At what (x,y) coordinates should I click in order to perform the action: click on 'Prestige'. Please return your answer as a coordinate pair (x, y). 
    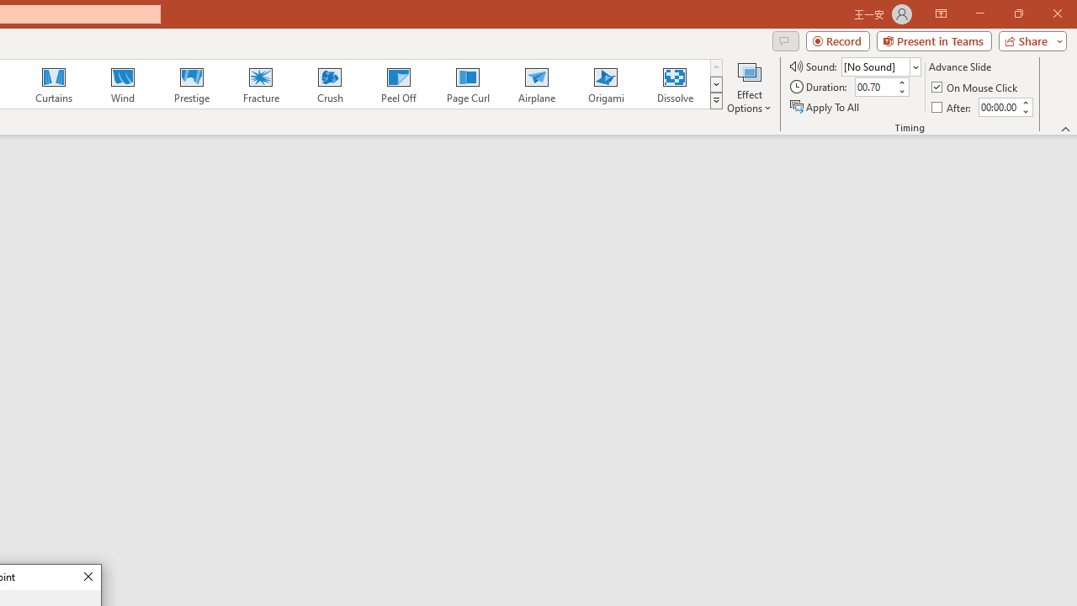
    Looking at the image, I should click on (191, 84).